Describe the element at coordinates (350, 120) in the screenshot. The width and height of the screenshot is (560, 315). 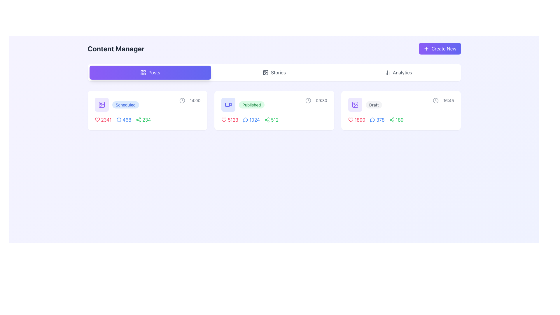
I see `the heart-shaped icon located in the lower left section of the 'Draft' card, next to the number '1890', which represents likes or engagement` at that location.